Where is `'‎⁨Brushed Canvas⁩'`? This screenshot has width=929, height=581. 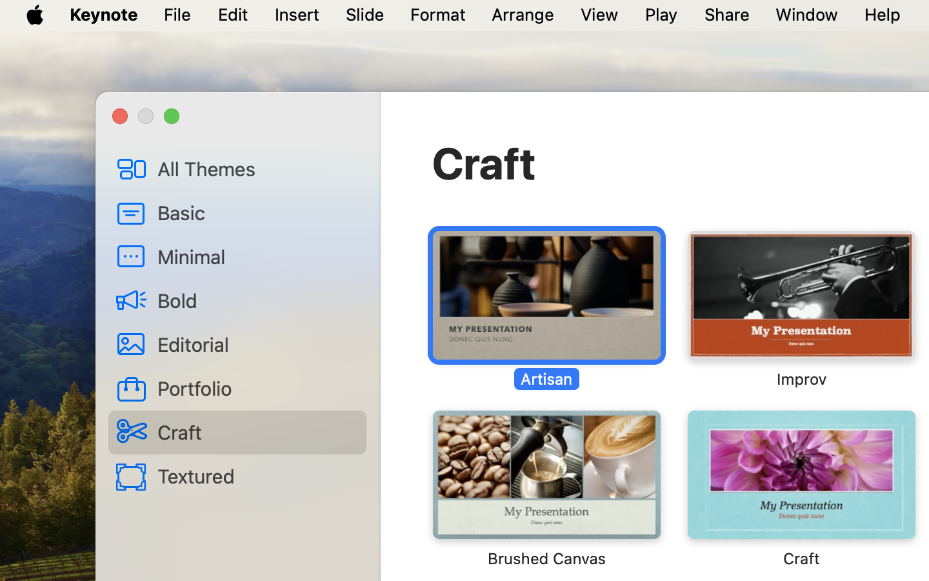 '‎⁨Brushed Canvas⁩' is located at coordinates (546, 488).